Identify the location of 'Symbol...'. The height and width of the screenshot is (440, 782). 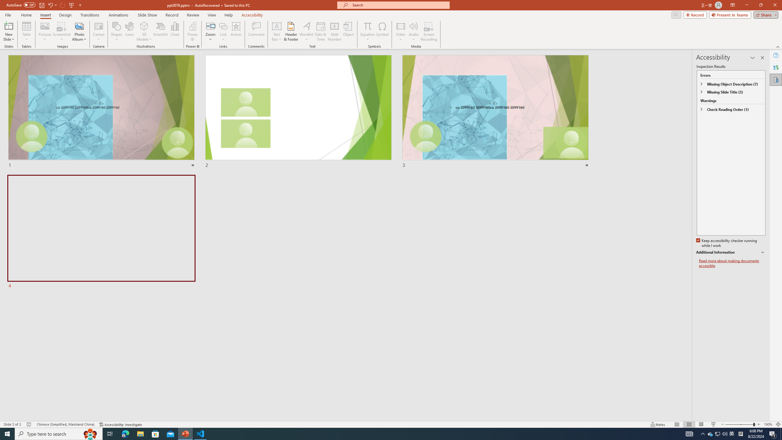
(382, 31).